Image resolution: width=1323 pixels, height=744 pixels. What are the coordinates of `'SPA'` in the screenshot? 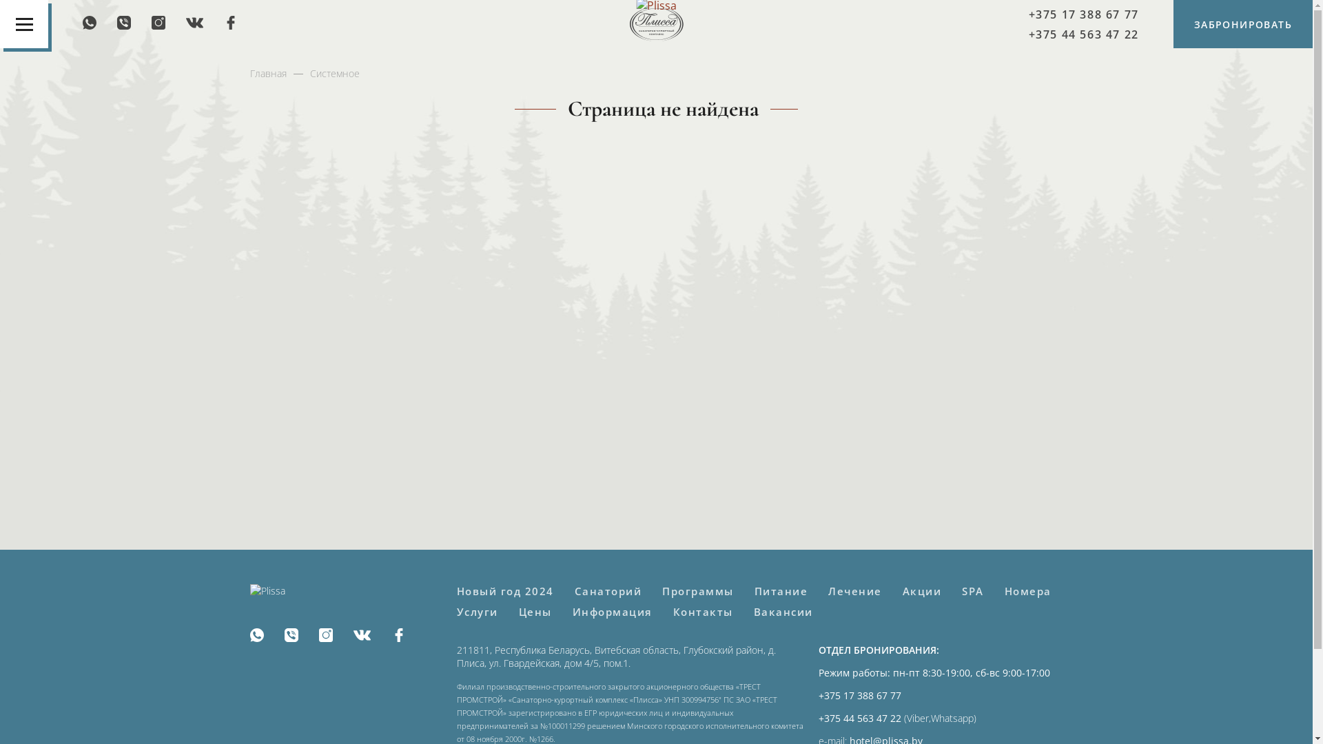 It's located at (972, 590).